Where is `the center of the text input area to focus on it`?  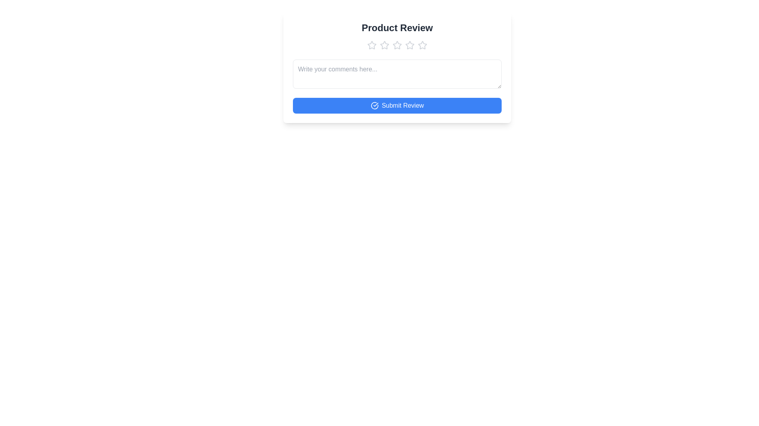 the center of the text input area to focus on it is located at coordinates (397, 74).